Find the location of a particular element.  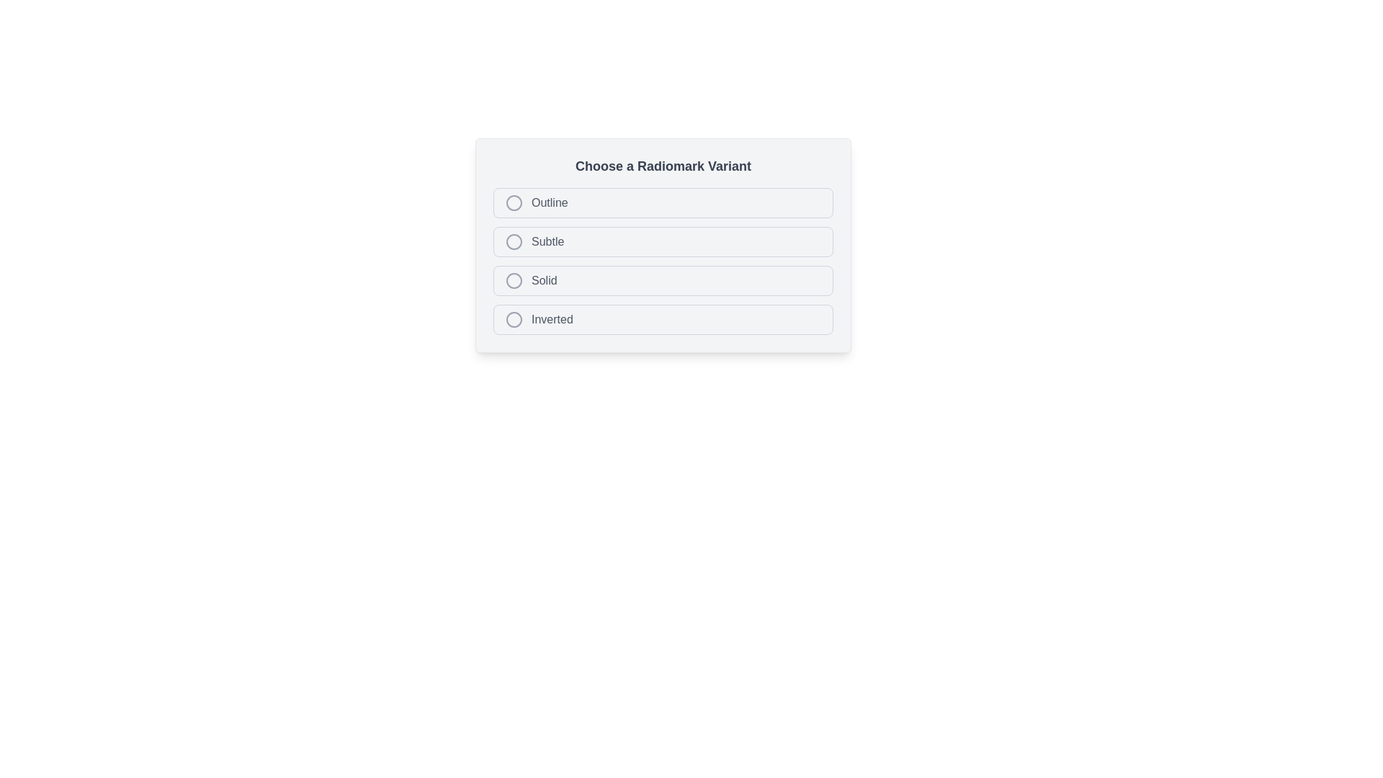

static text header element labeled 'Choose a Radiomark Variant.' located at the top of the box containing multiple radio buttons is located at coordinates (663, 166).